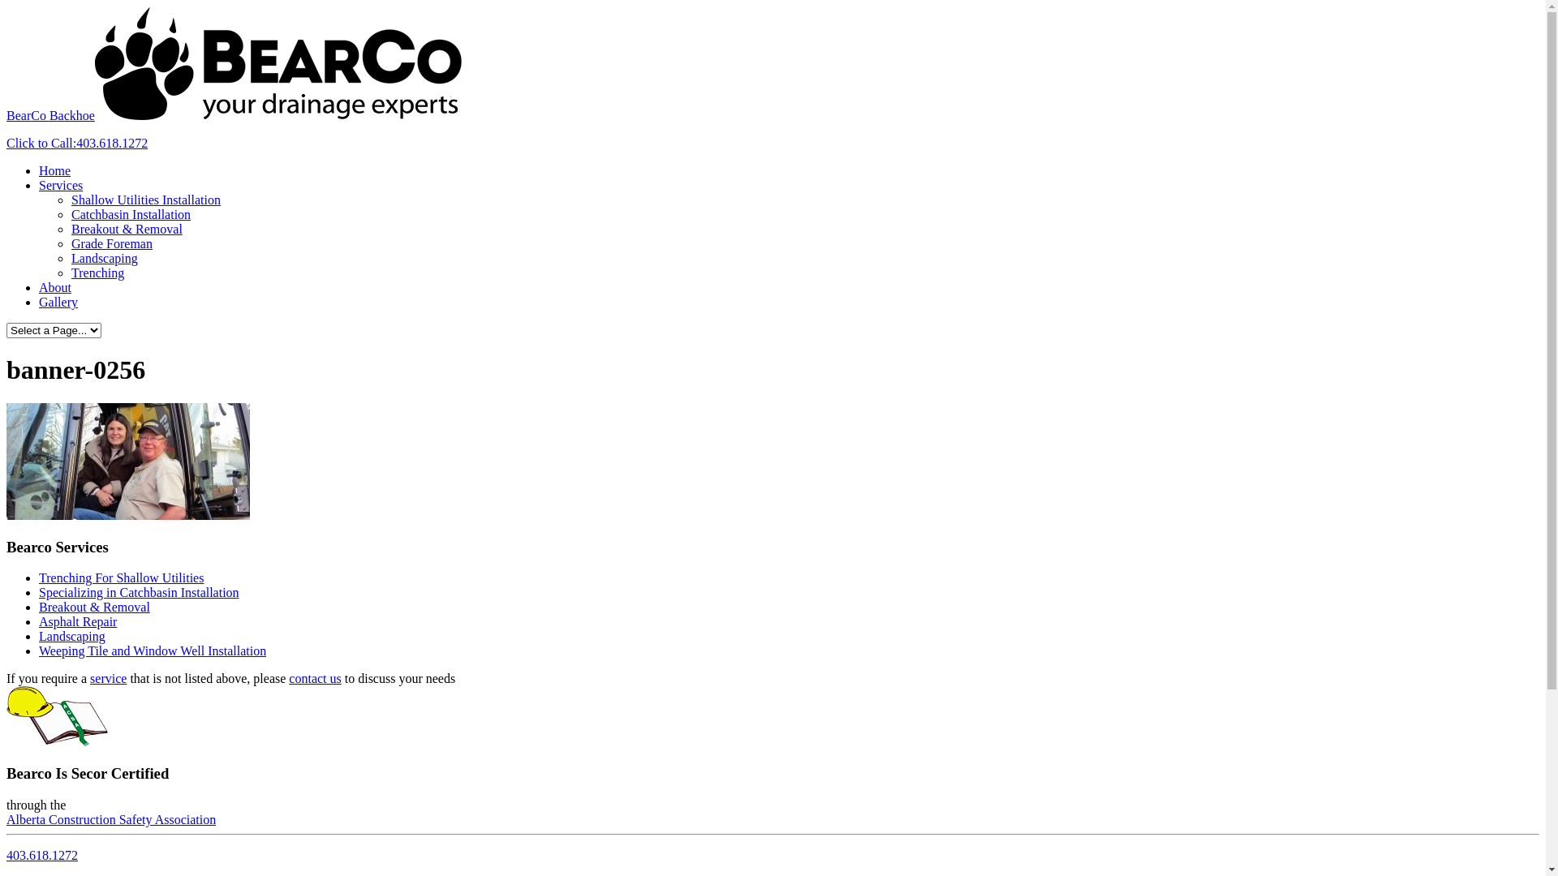 This screenshot has height=876, width=1558. Describe the element at coordinates (111, 243) in the screenshot. I see `'Grade Foreman'` at that location.